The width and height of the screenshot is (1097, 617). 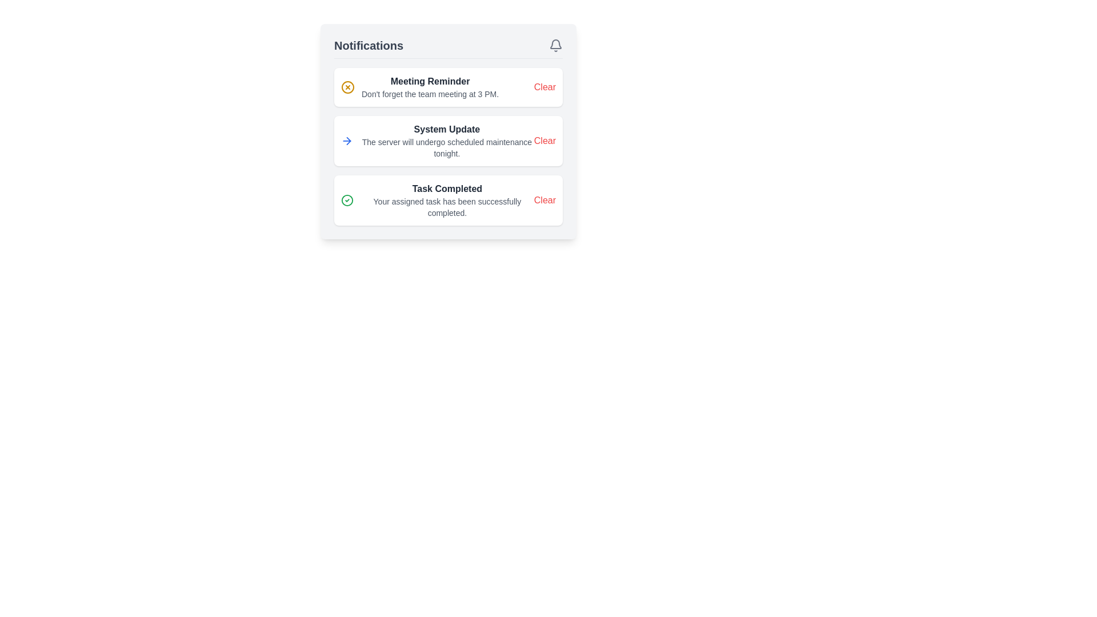 What do you see at coordinates (347, 200) in the screenshot?
I see `the decorative SVG Circle that forms part of the 'Task Completed' notification, which is the last notification in the list positioned at the bottom of the box` at bounding box center [347, 200].